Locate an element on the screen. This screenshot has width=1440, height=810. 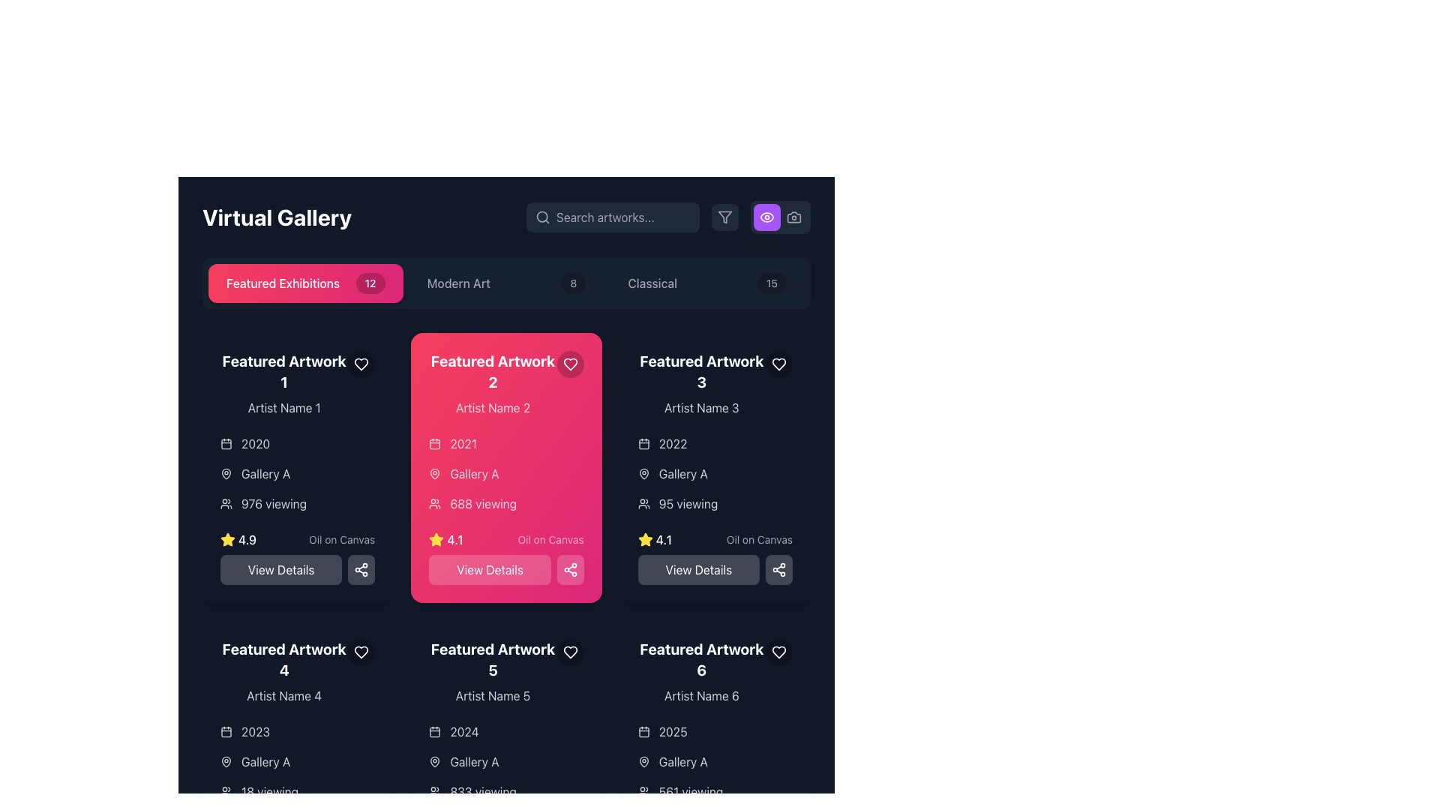
text label displaying 'Artist Name 4' located below the heading 'Featured Artwork 4' in the lower left quadrant of the gallery interface is located at coordinates (284, 696).